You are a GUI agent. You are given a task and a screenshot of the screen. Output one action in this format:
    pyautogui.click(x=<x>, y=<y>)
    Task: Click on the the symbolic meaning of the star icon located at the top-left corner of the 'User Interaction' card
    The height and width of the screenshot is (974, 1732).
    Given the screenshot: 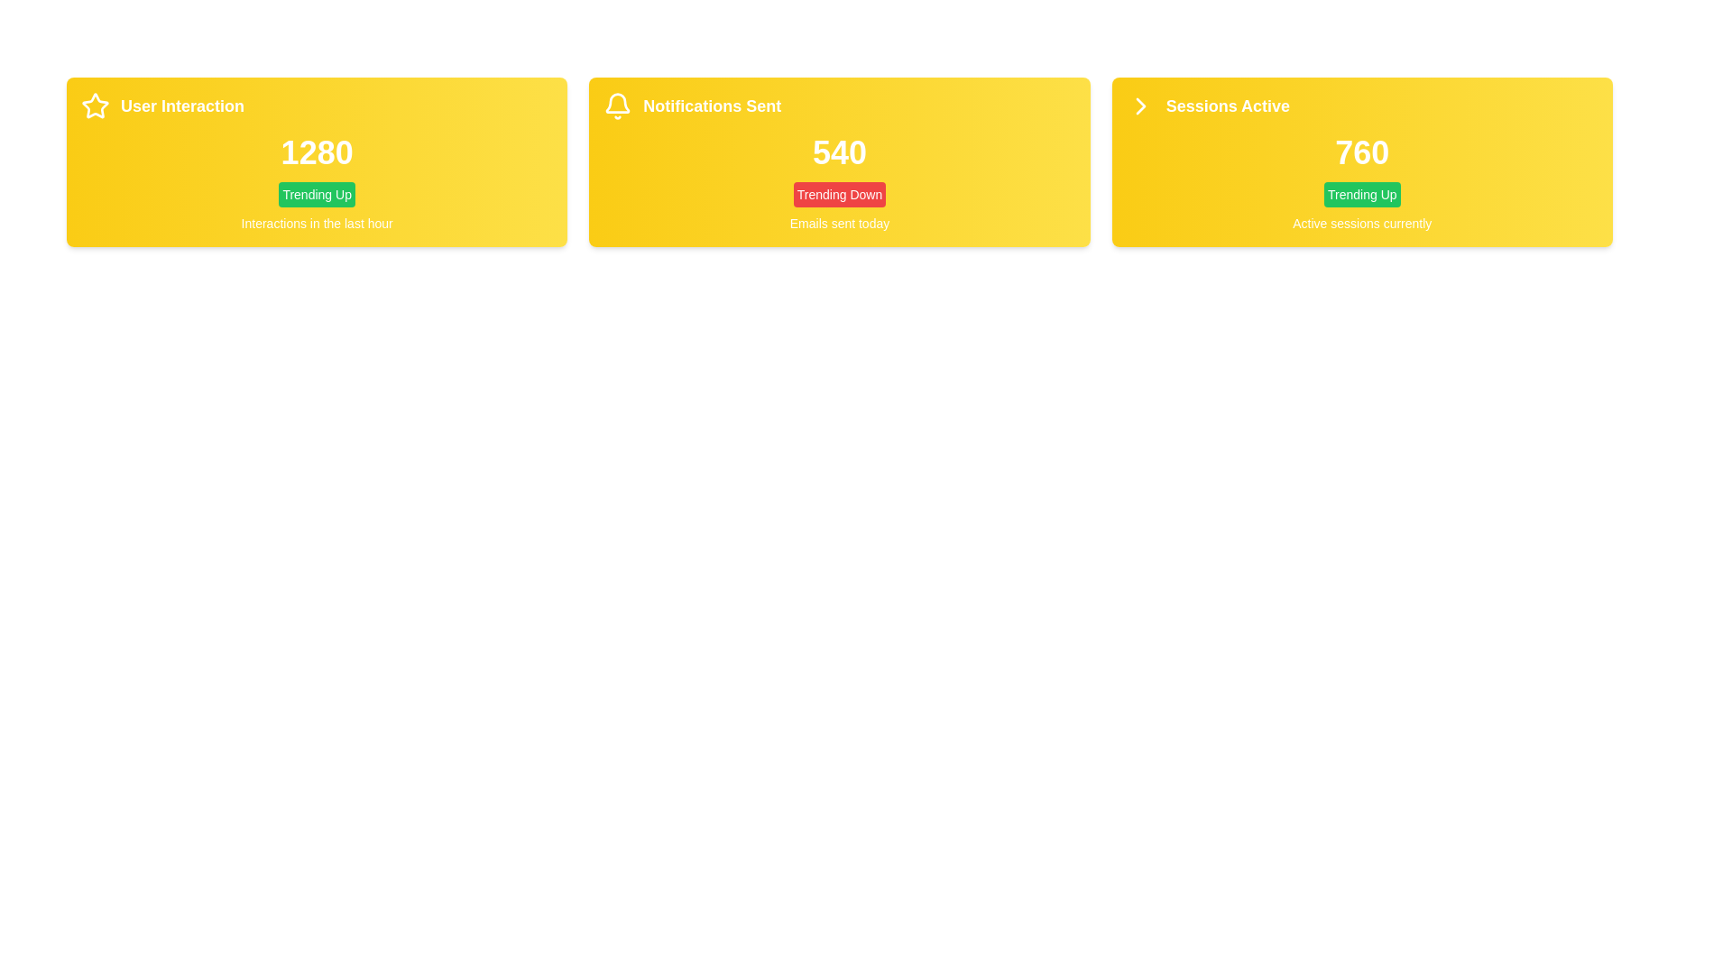 What is the action you would take?
    pyautogui.click(x=94, y=106)
    